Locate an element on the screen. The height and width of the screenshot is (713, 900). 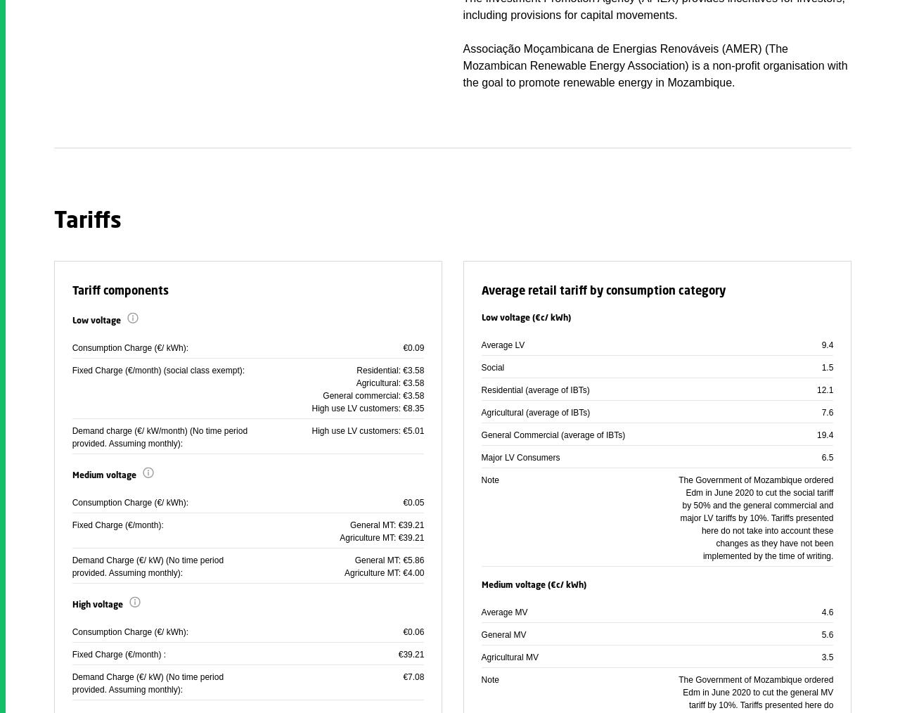
'General MT: €5.86' is located at coordinates (354, 560).